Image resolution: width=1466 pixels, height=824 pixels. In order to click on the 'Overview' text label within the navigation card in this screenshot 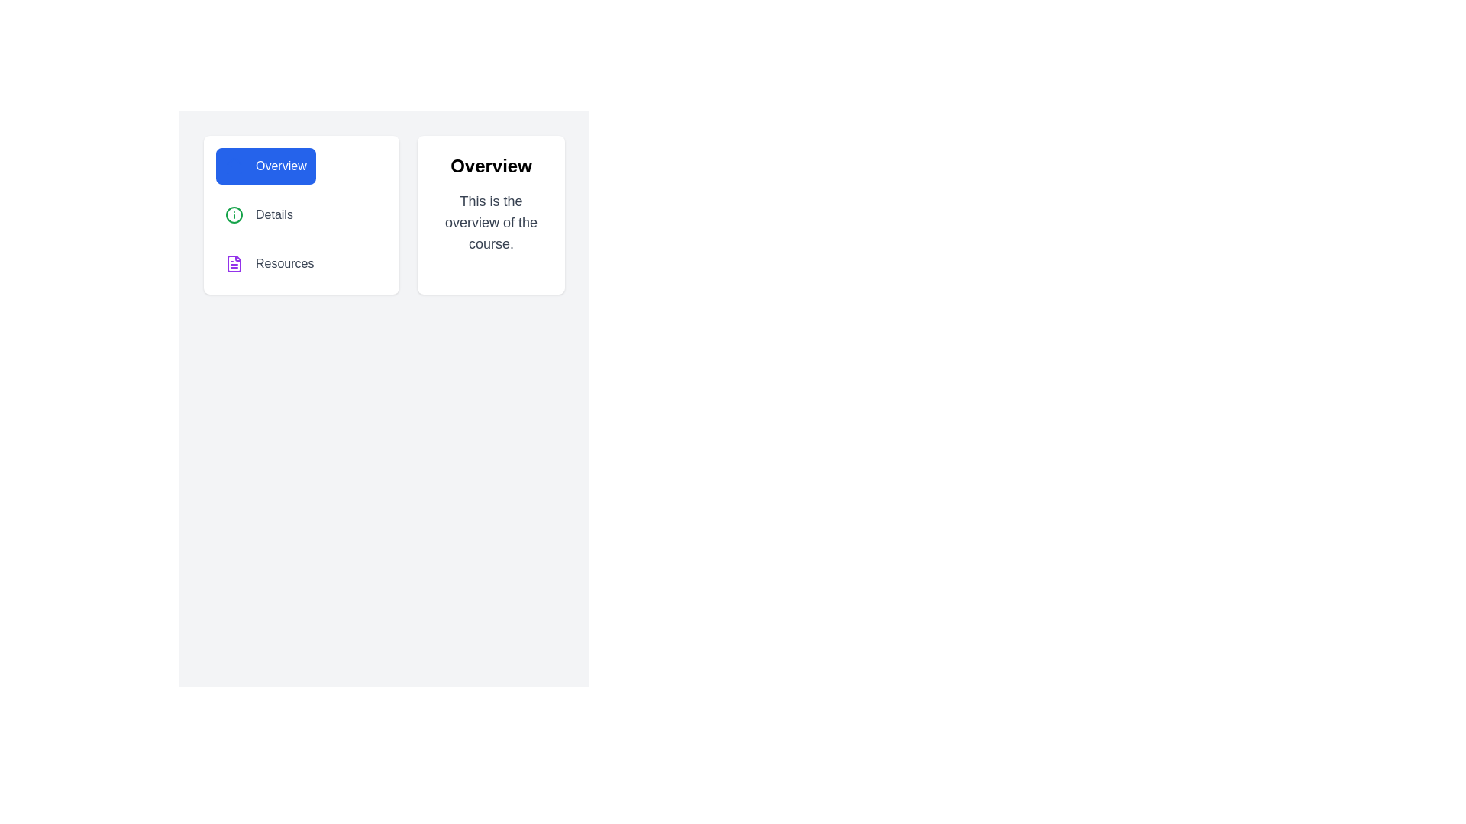, I will do `click(281, 166)`.